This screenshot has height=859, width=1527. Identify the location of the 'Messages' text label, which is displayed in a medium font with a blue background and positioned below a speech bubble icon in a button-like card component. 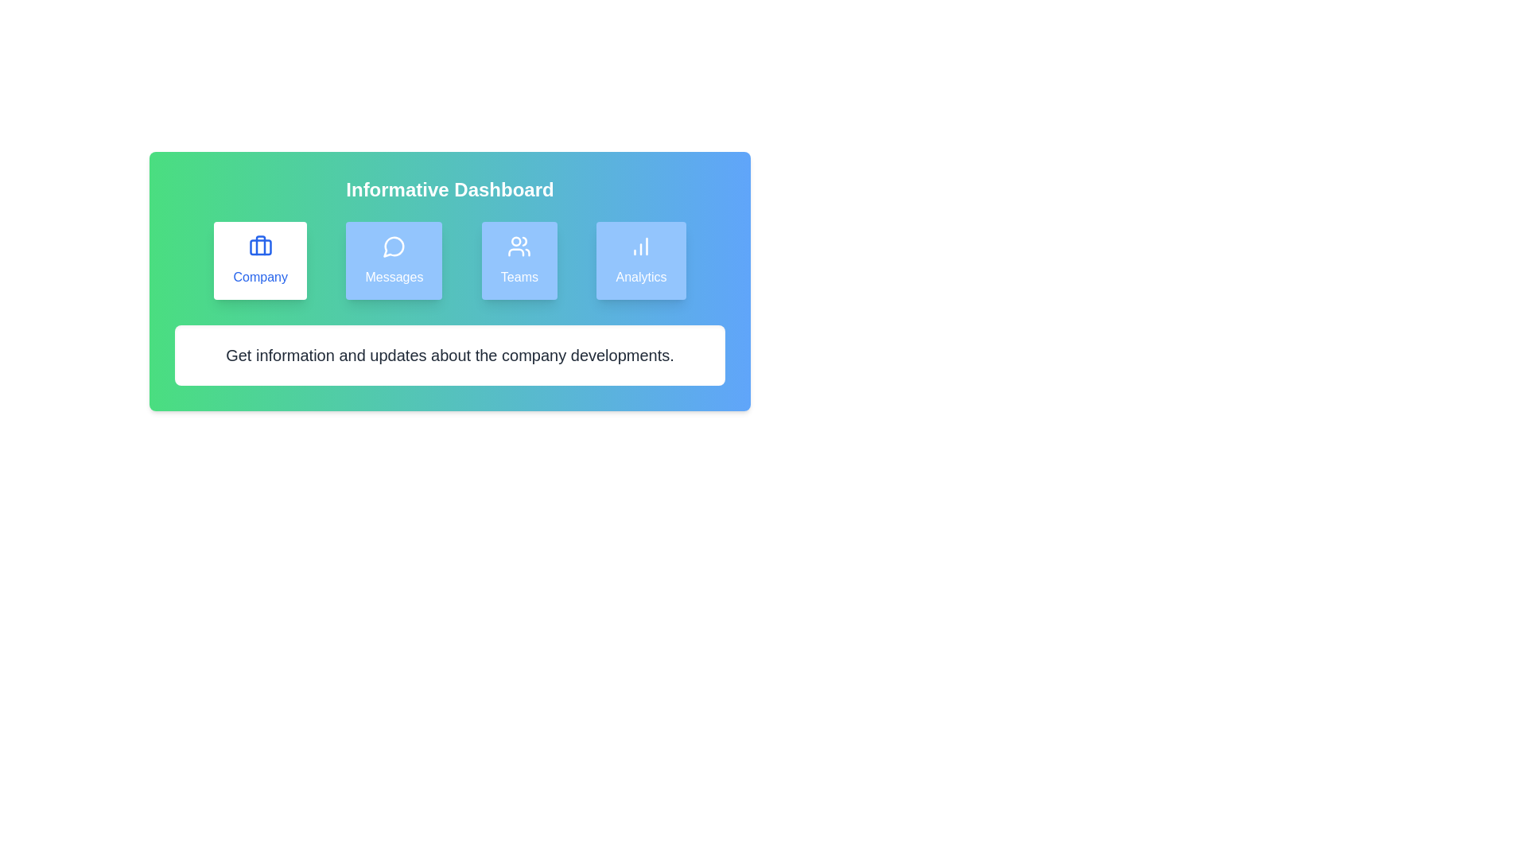
(394, 276).